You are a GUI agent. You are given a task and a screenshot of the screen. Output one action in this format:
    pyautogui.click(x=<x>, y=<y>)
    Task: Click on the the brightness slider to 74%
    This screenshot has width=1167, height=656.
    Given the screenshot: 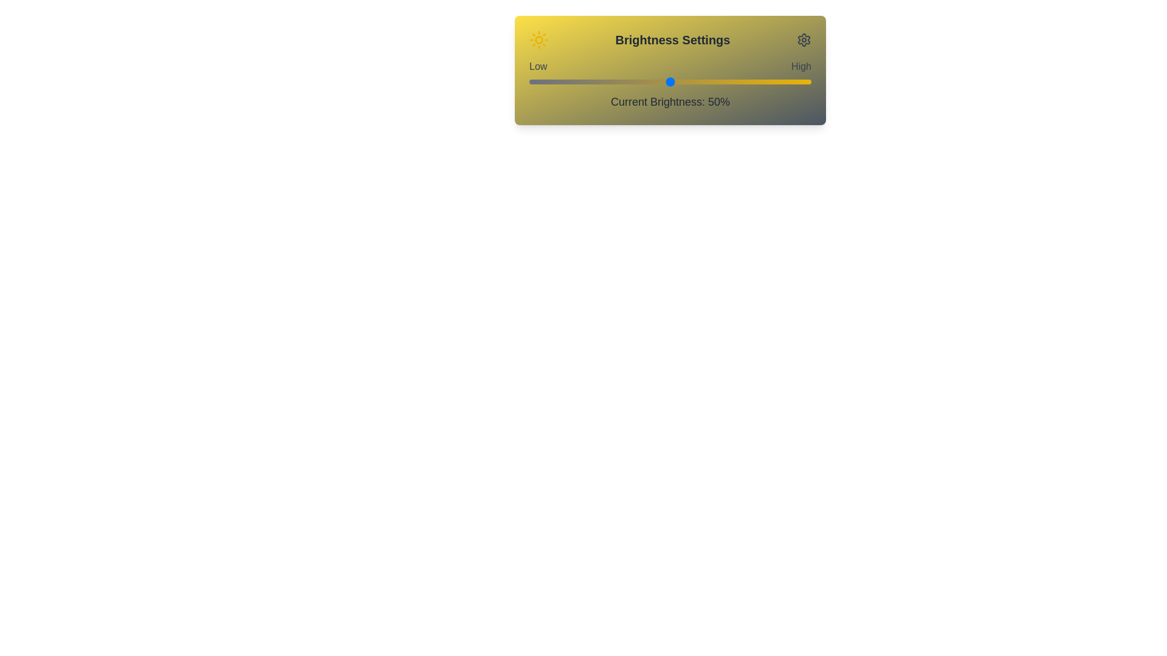 What is the action you would take?
    pyautogui.click(x=737, y=82)
    